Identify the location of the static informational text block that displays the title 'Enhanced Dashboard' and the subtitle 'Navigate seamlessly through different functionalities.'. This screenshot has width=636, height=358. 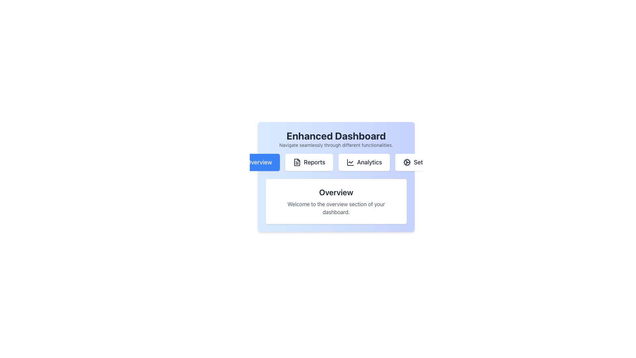
(336, 139).